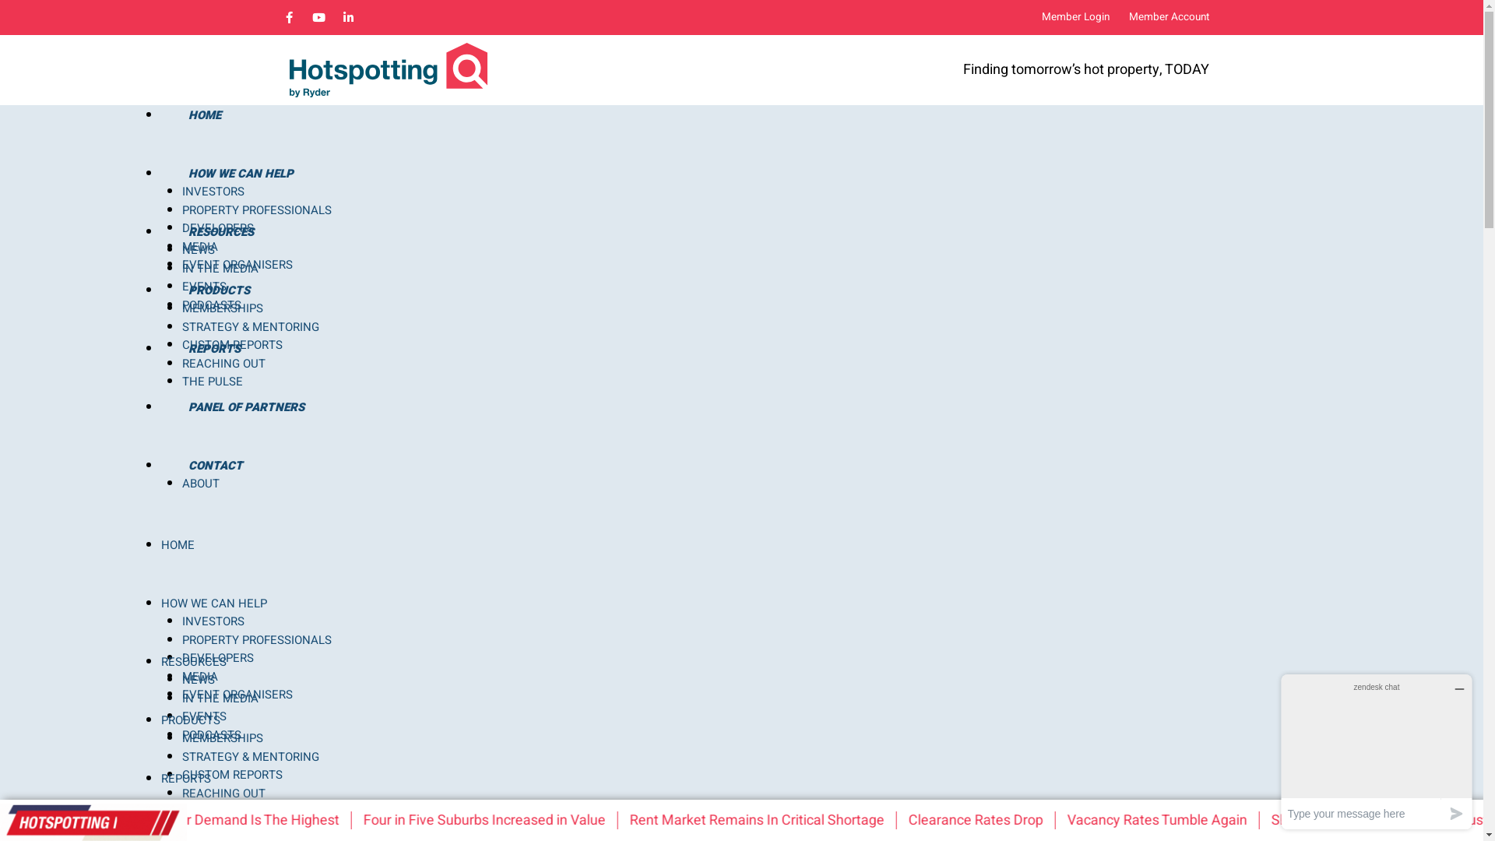  What do you see at coordinates (220, 267) in the screenshot?
I see `'IN THE MEDIA'` at bounding box center [220, 267].